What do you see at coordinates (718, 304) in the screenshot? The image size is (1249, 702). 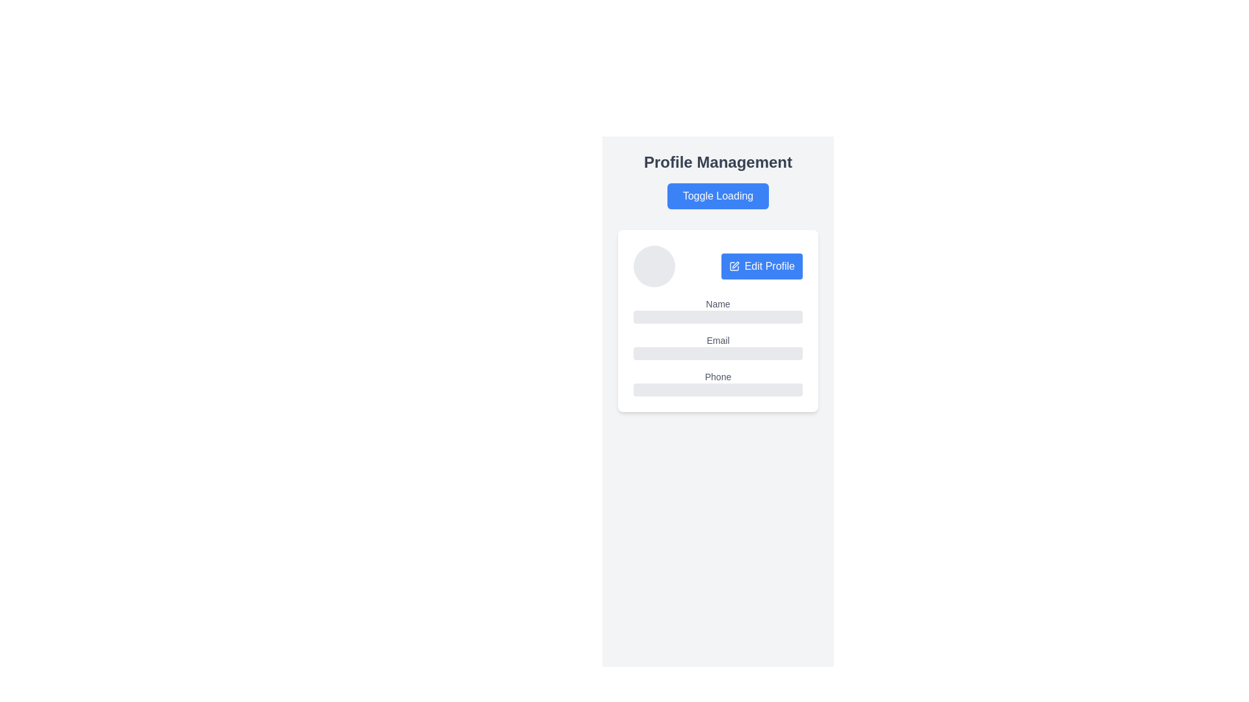 I see `the static text label indicating the input field for a name, positioned above the gray rounded input area` at bounding box center [718, 304].